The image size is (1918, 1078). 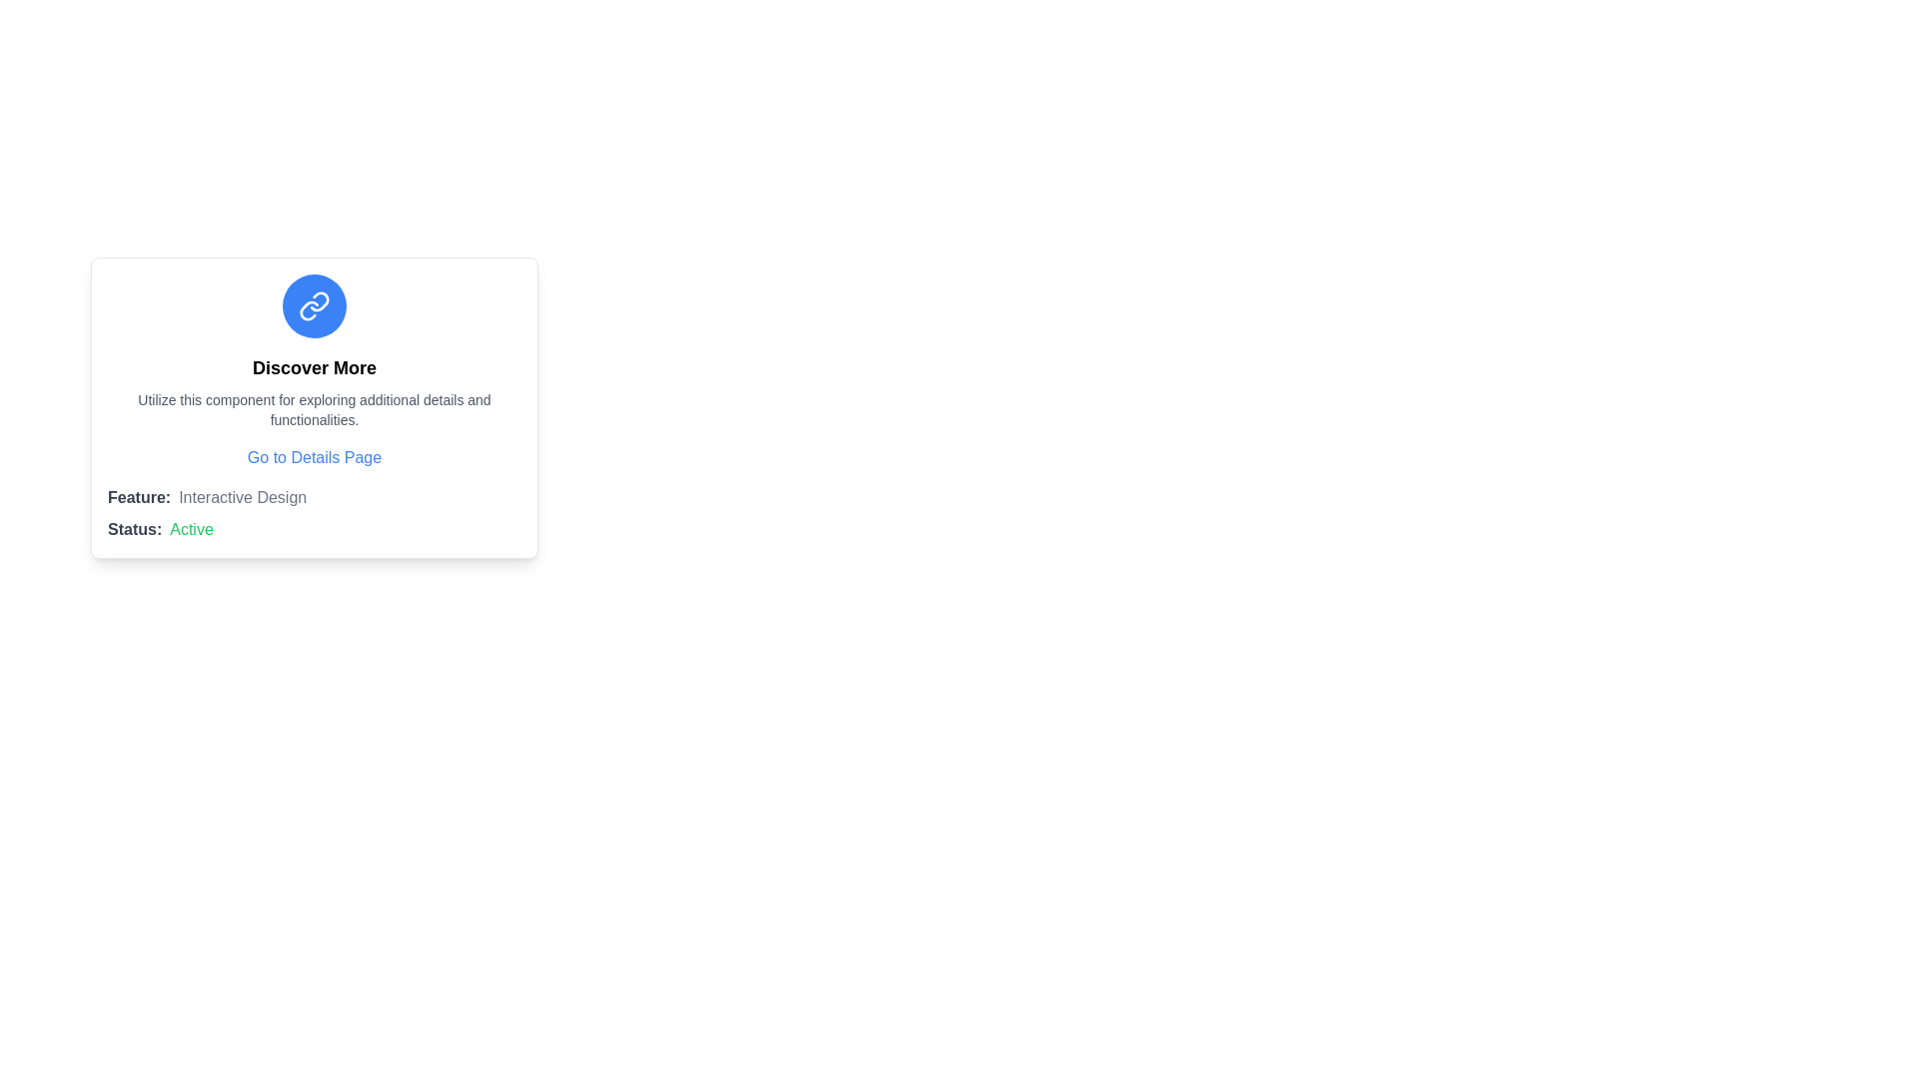 What do you see at coordinates (314, 409) in the screenshot?
I see `centered text that conveys the message: 'Utilize this component for exploring additional details and functionalities.' This text is located beneath the bold 'Discover More' text` at bounding box center [314, 409].